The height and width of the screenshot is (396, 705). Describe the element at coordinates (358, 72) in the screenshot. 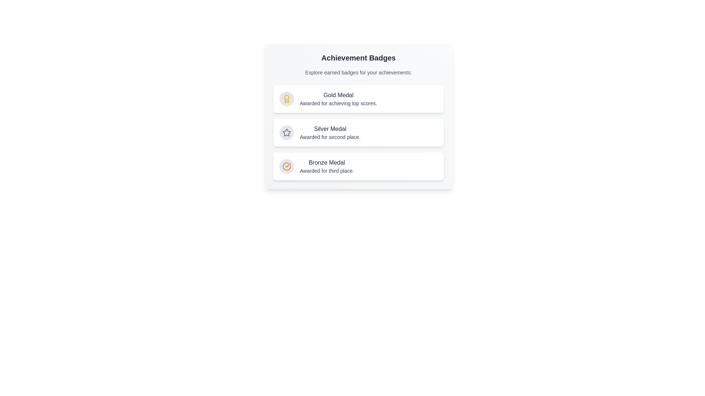

I see `the text label providing context for the 'Achievement Badges' section, located directly under the heading and preceding the list of badges` at that location.